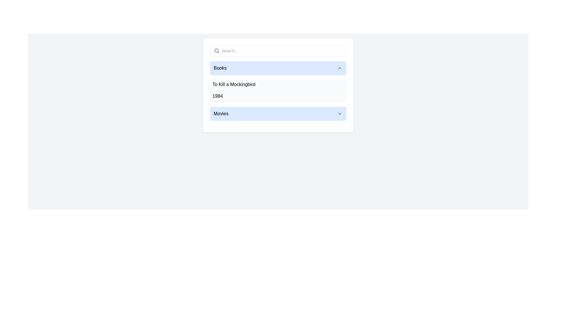  What do you see at coordinates (217, 96) in the screenshot?
I see `the selectable text display item representing the book titled '1984' within the 'Books' category` at bounding box center [217, 96].